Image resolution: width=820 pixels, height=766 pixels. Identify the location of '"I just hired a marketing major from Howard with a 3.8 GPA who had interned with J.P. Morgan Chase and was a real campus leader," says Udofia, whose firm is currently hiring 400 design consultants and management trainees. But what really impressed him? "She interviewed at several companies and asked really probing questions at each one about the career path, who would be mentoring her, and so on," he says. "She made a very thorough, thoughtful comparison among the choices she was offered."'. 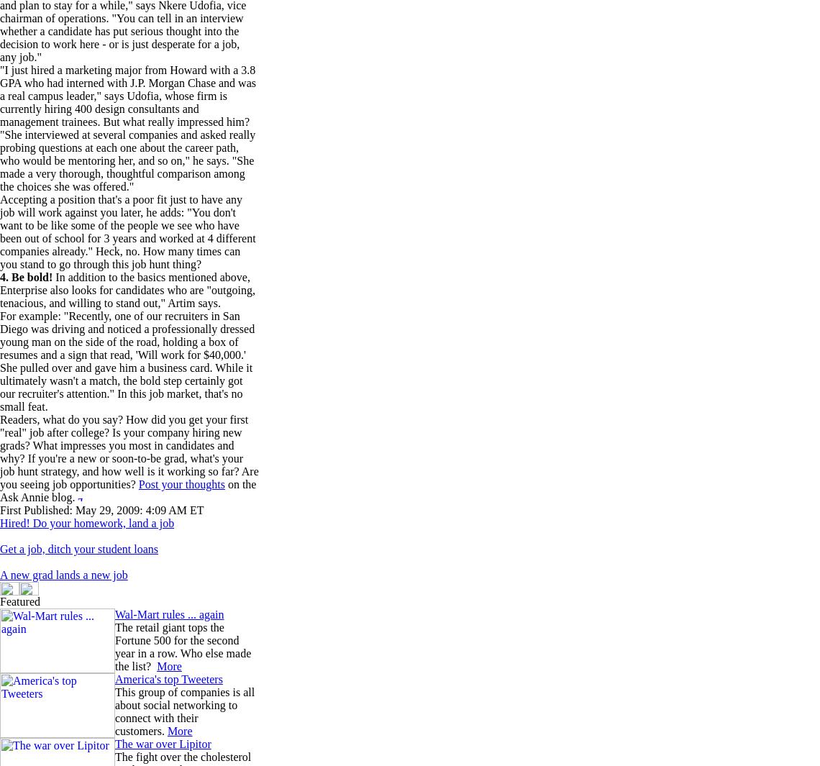
(127, 127).